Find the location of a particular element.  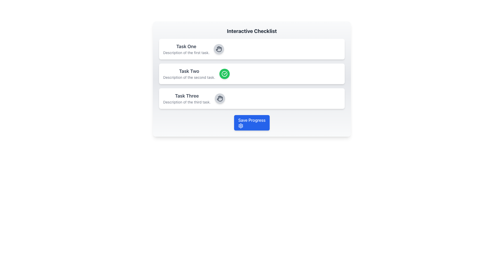

the checkmark icon within the circular badge that indicates the second task is completed in the checklist interface is located at coordinates (225, 73).